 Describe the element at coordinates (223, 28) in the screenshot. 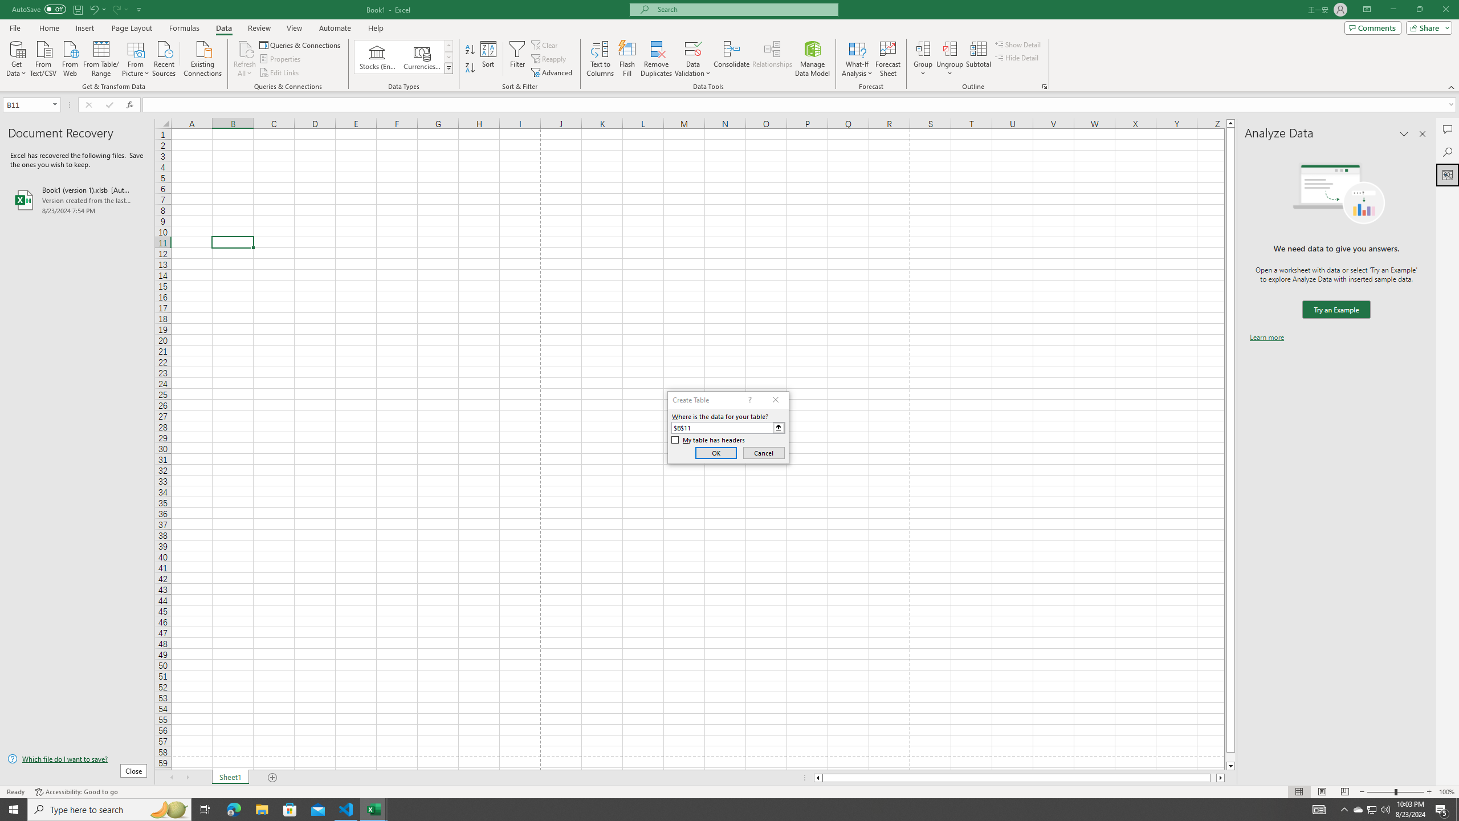

I see `'Data'` at that location.